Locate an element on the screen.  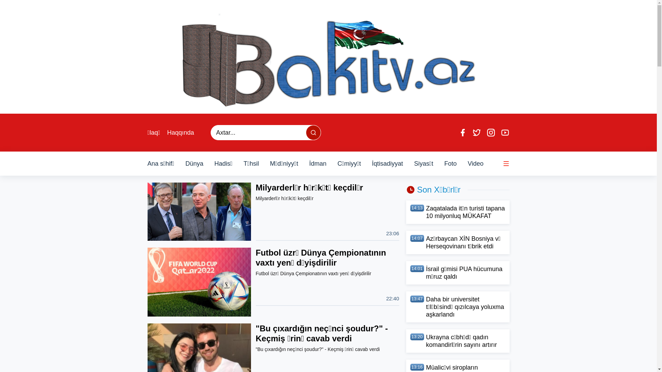
'Twitter' is located at coordinates (476, 133).